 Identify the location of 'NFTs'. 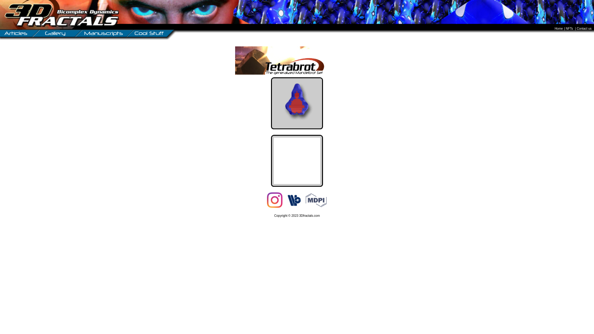
(569, 28).